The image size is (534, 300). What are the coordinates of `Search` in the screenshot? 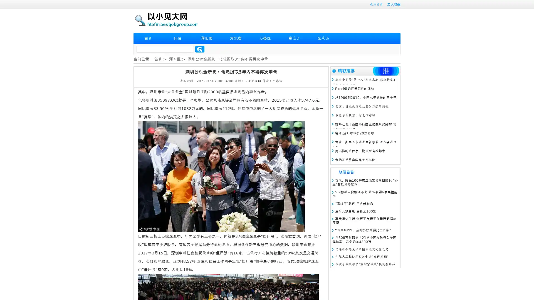 It's located at (200, 49).